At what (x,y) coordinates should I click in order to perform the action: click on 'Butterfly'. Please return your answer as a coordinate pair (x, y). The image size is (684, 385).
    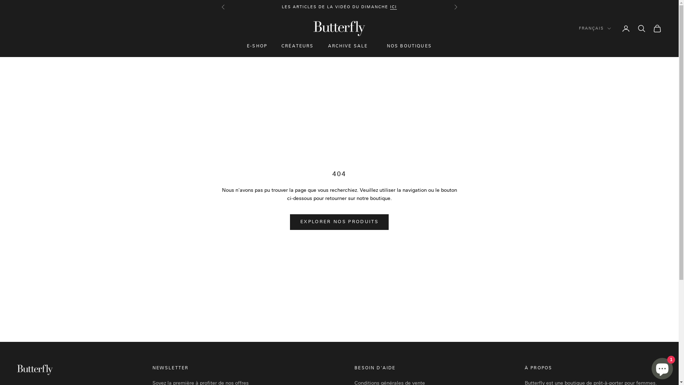
    Looking at the image, I should click on (339, 28).